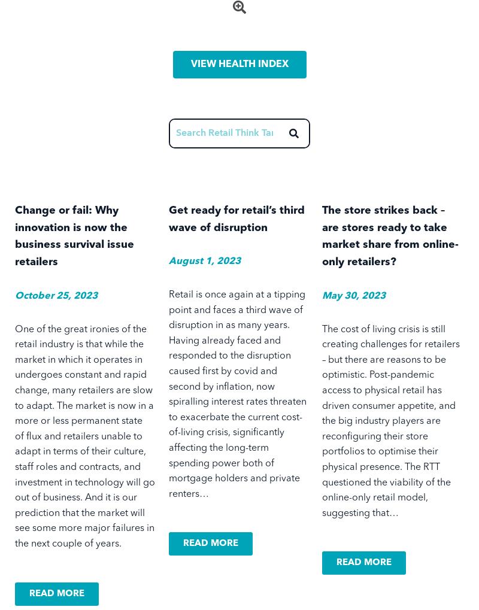 The height and width of the screenshot is (610, 479). I want to click on 'The market is now in a more or less permanent state of', so click(84, 421).